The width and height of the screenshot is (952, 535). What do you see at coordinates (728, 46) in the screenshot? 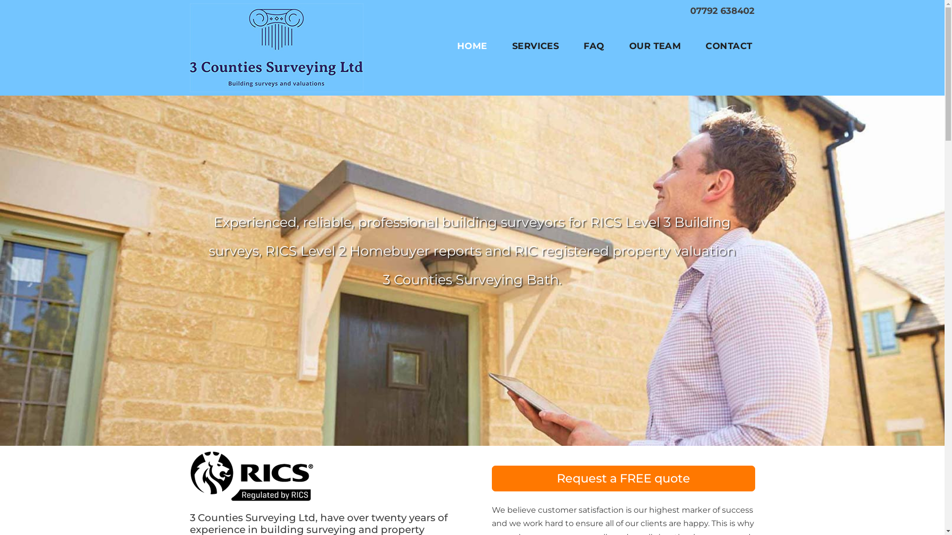
I see `'CONTACT'` at bounding box center [728, 46].